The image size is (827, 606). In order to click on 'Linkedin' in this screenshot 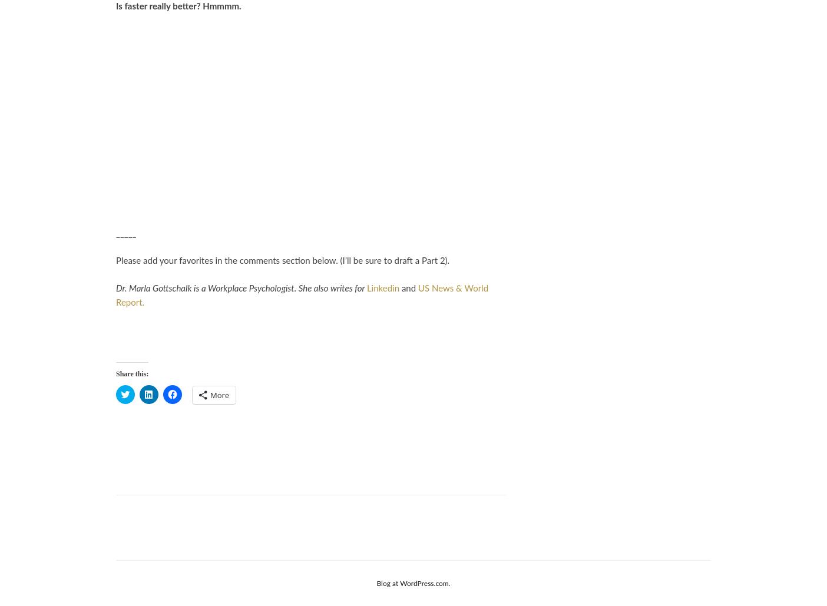, I will do `click(383, 288)`.